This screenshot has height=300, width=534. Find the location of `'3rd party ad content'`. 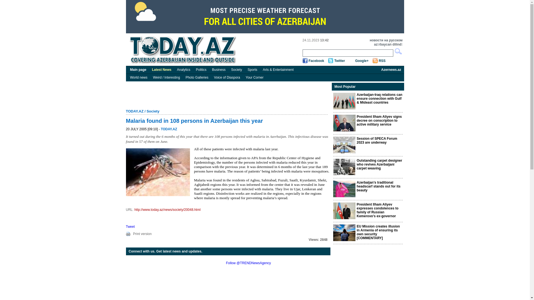

'3rd party ad content' is located at coordinates (264, 16).